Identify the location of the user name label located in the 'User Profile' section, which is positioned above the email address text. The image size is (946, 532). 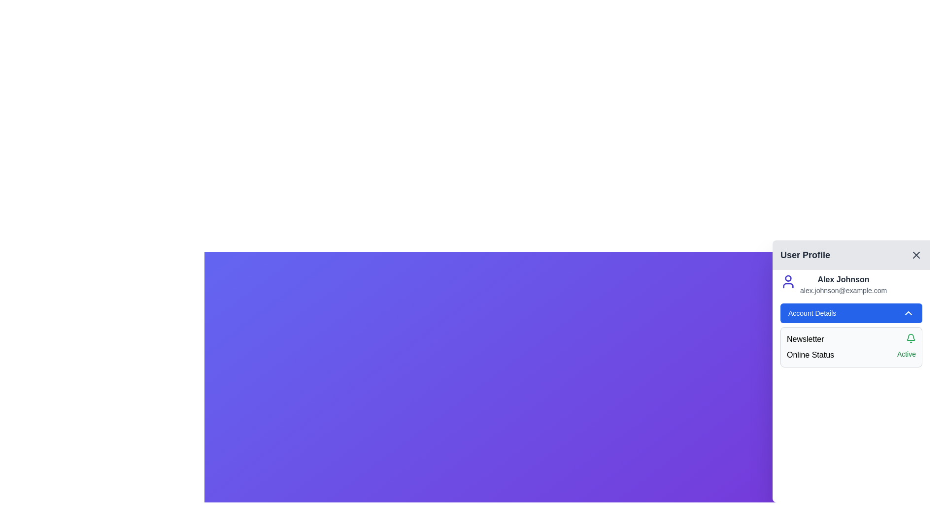
(843, 279).